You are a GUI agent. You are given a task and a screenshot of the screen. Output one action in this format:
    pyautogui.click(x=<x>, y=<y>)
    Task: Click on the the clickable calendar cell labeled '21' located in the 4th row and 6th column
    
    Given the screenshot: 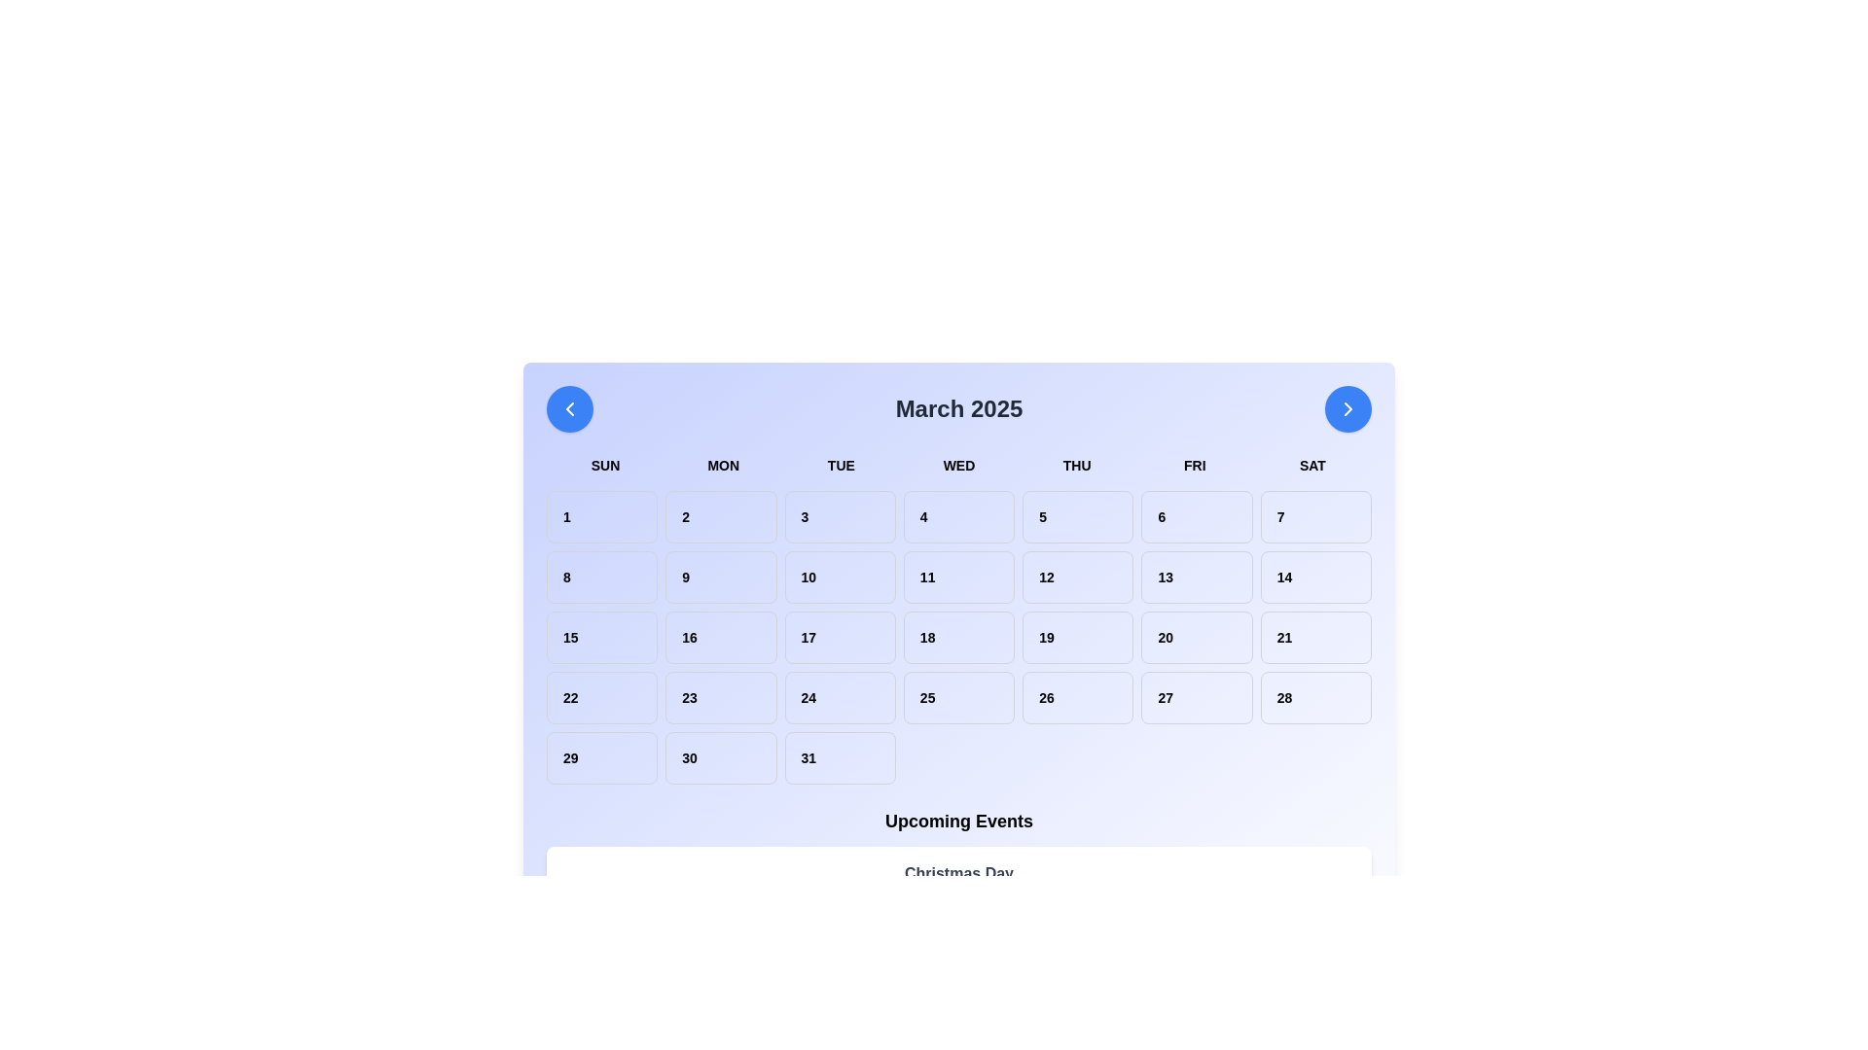 What is the action you would take?
    pyautogui.click(x=1315, y=637)
    